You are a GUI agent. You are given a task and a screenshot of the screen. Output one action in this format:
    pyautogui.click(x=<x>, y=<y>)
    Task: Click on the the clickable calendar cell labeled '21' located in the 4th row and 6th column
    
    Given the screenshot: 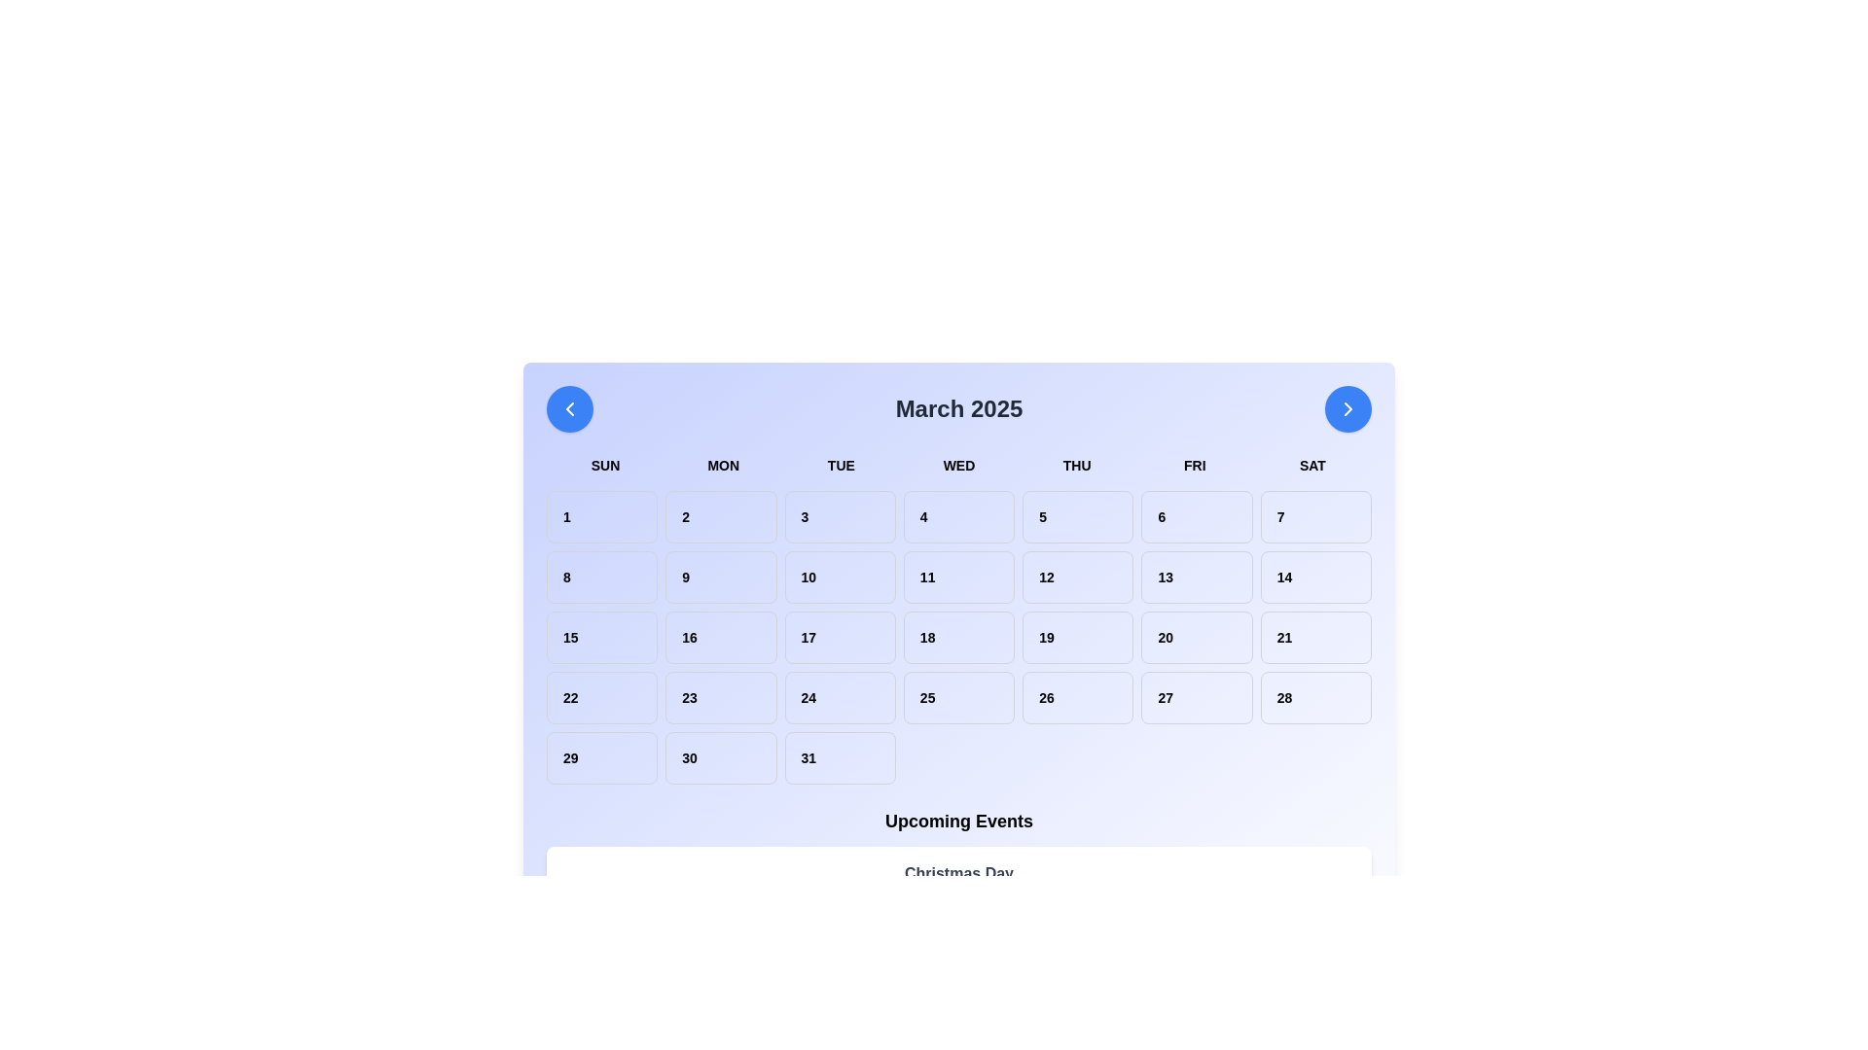 What is the action you would take?
    pyautogui.click(x=1315, y=637)
    